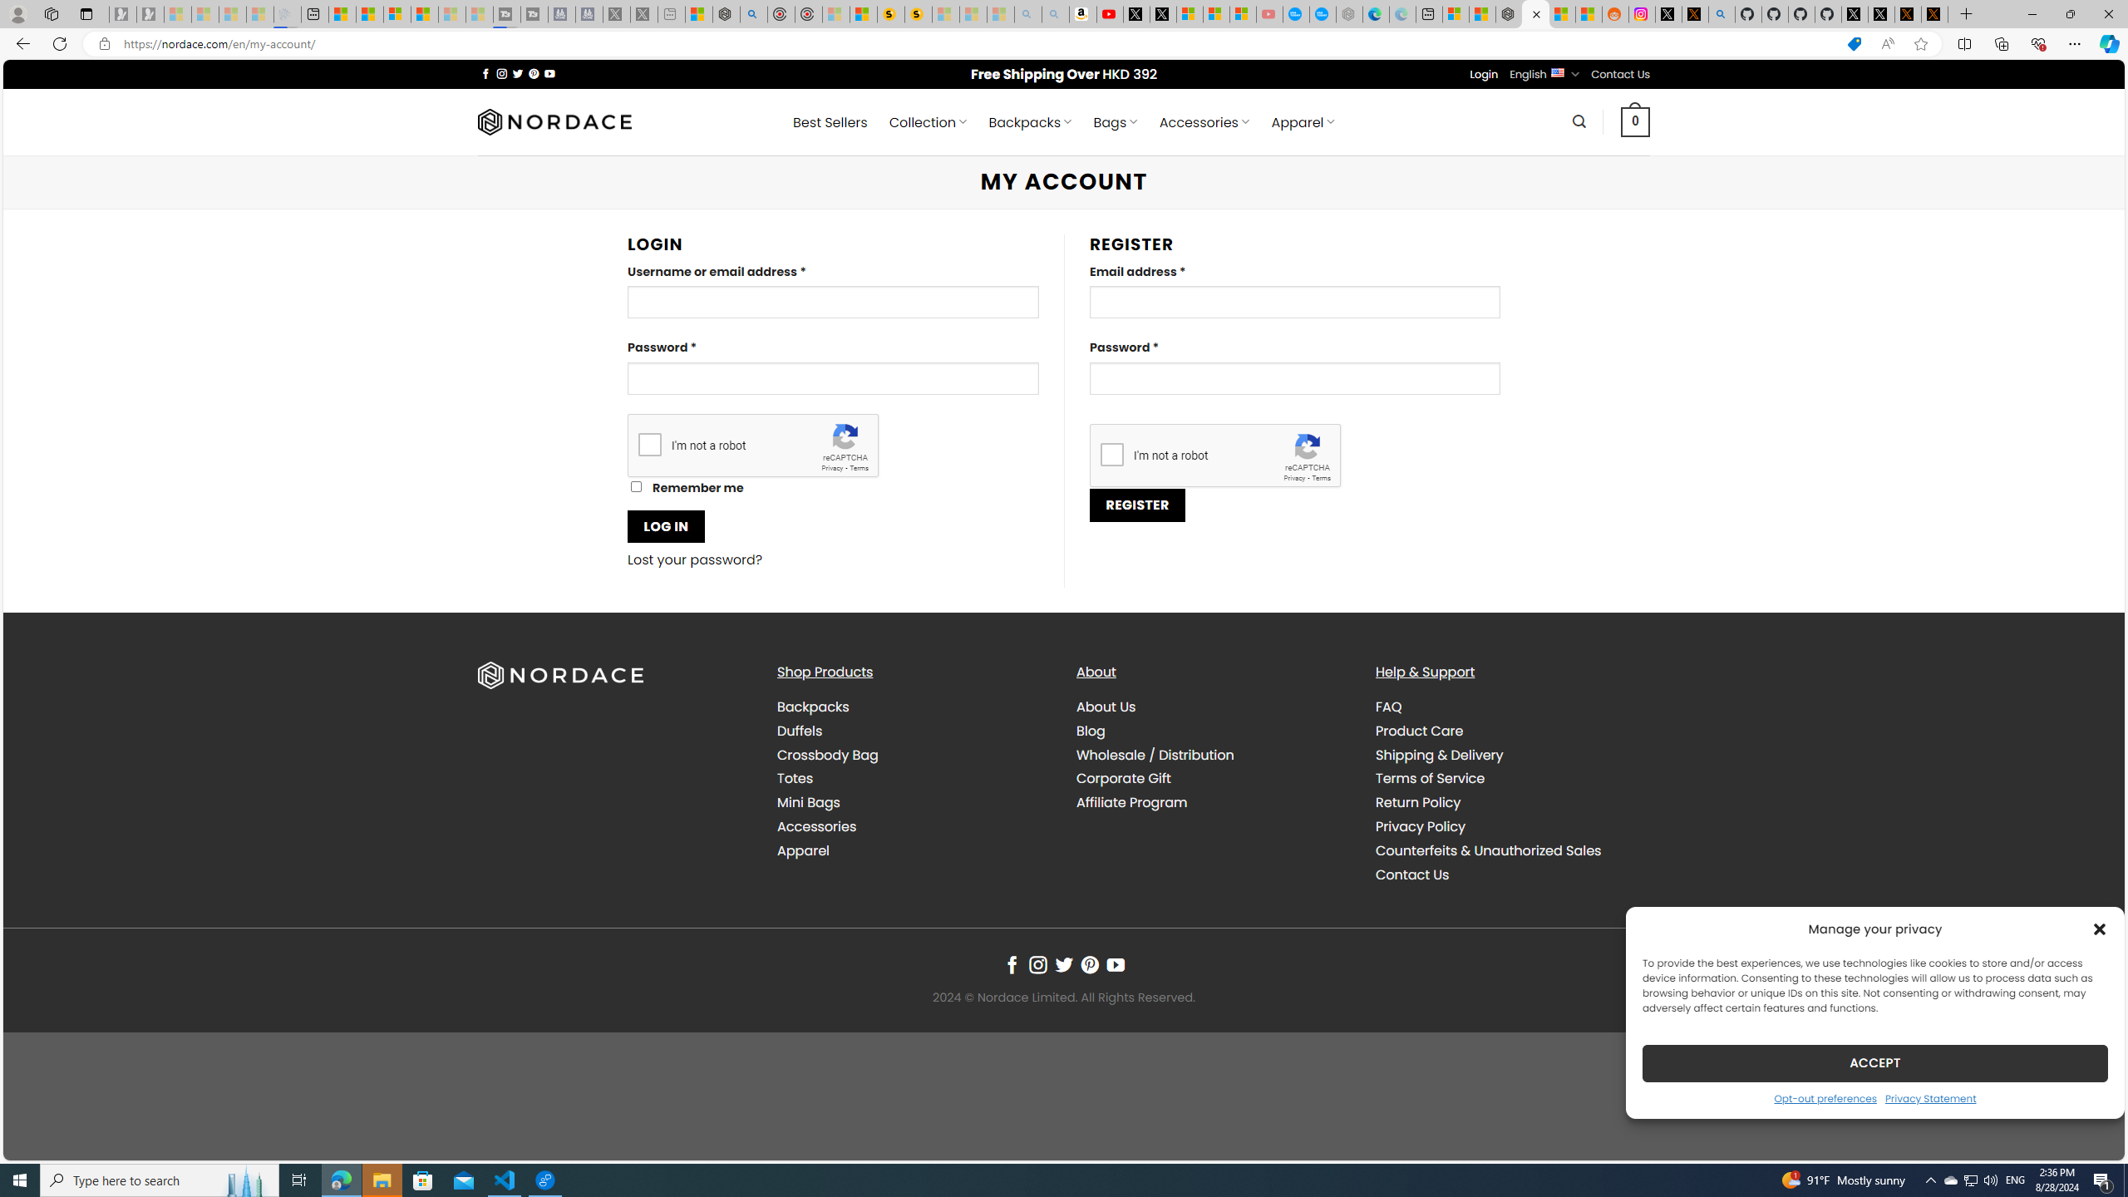 The height and width of the screenshot is (1197, 2128). What do you see at coordinates (1322, 13) in the screenshot?
I see `'The most popular Google '` at bounding box center [1322, 13].